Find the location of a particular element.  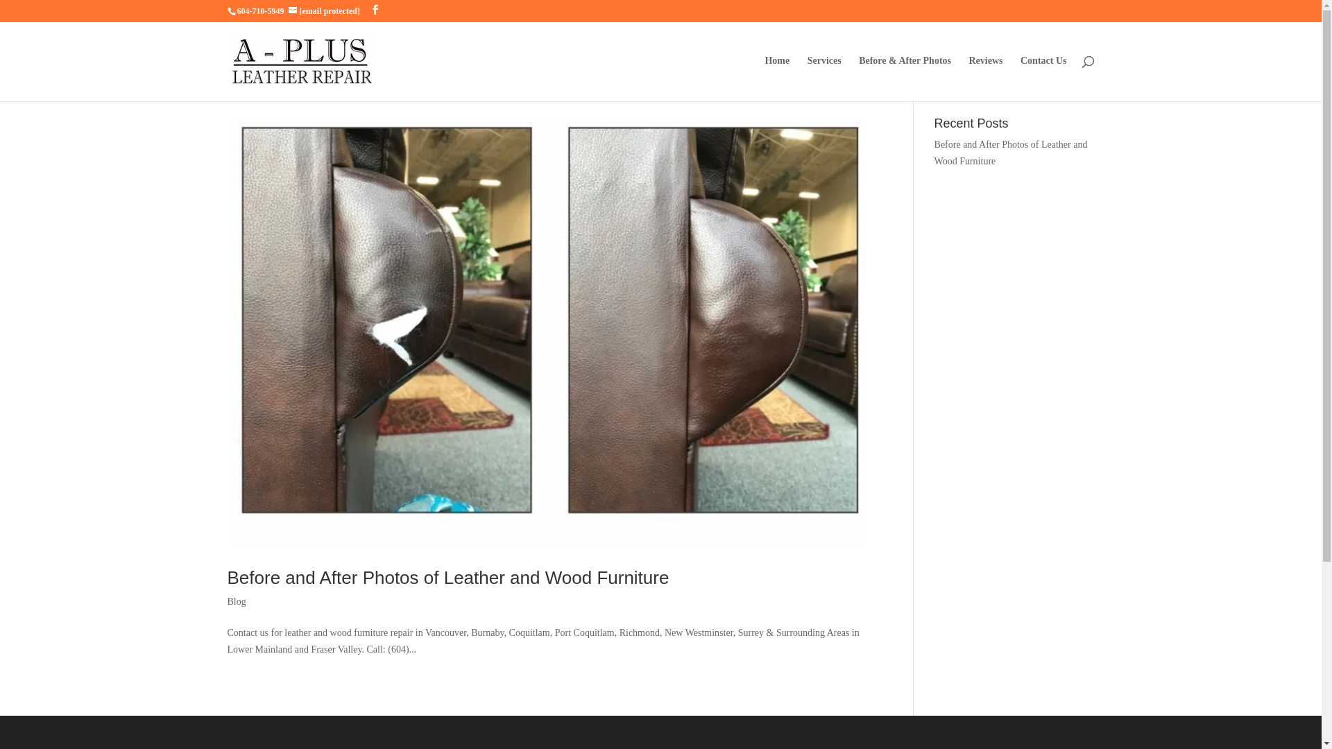

'Contact Us' is located at coordinates (1043, 78).